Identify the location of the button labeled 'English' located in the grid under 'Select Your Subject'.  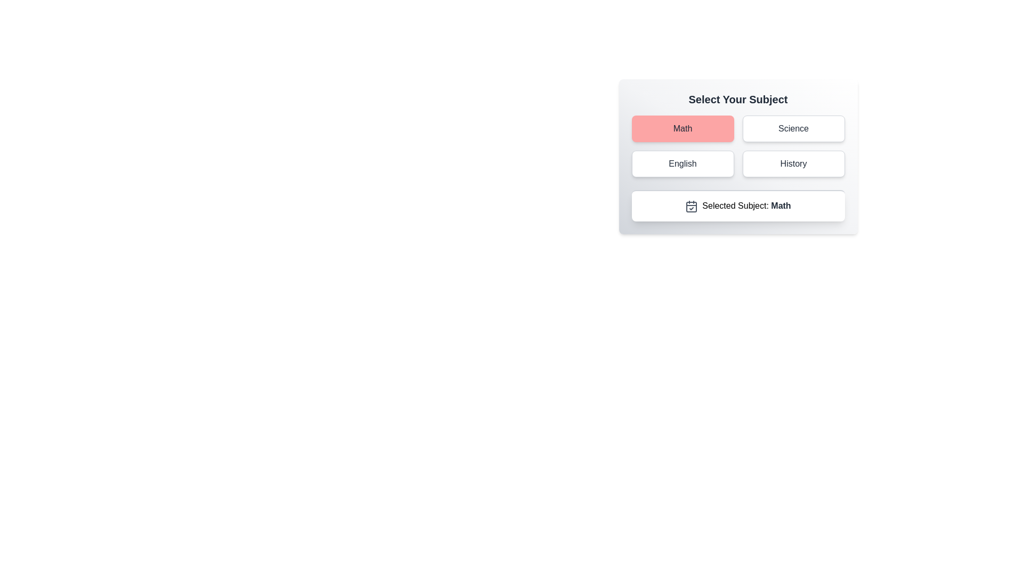
(683, 164).